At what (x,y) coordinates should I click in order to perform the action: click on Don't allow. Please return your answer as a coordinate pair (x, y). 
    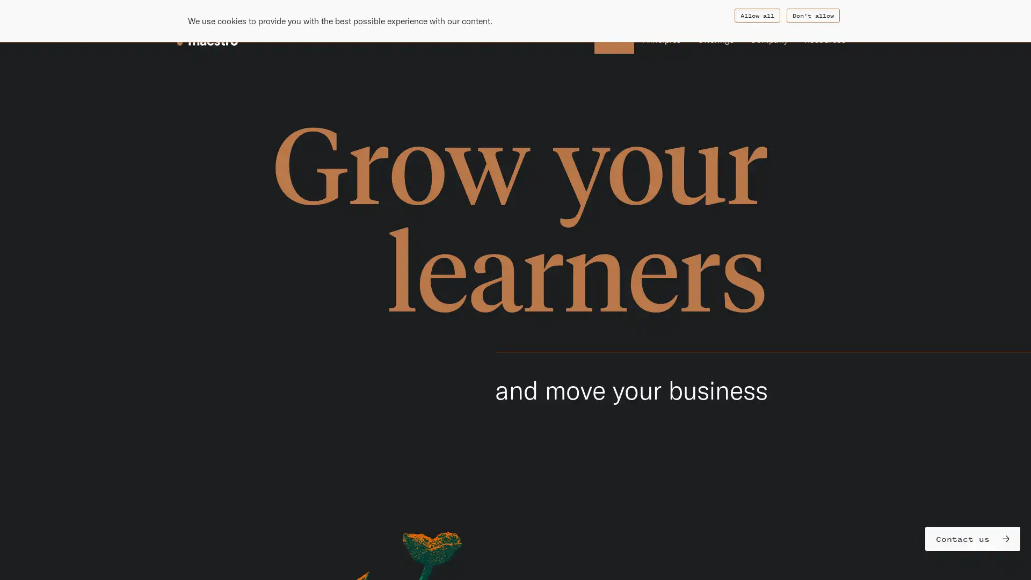
    Looking at the image, I should click on (813, 16).